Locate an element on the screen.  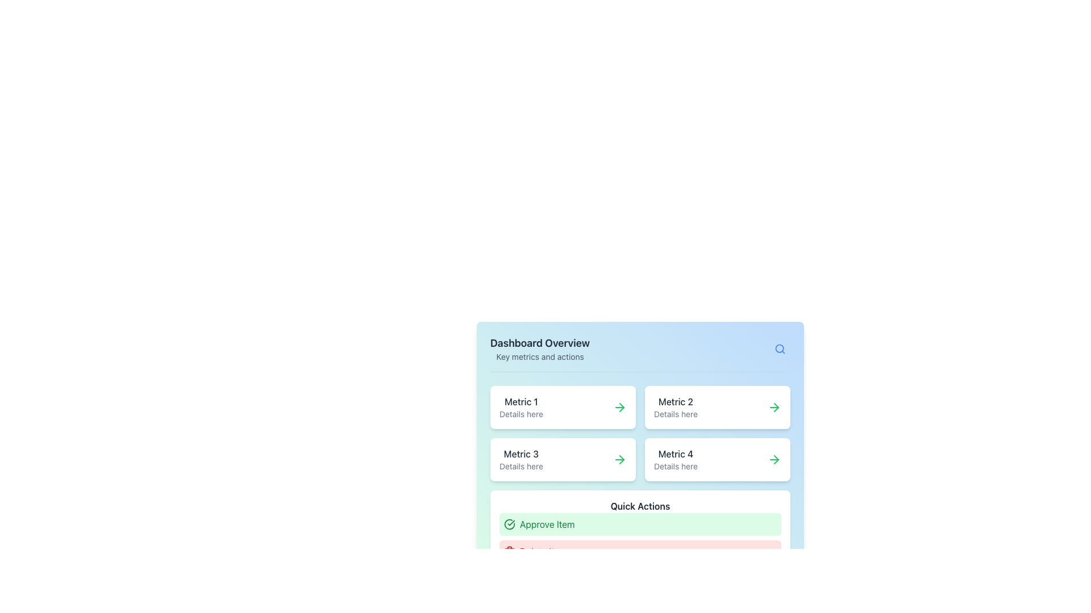
the static text label that provides additional information related to 'Metric 3', located in the bottom section of the 'Metric 3' card in the lower left of the four-card grid is located at coordinates (520, 466).